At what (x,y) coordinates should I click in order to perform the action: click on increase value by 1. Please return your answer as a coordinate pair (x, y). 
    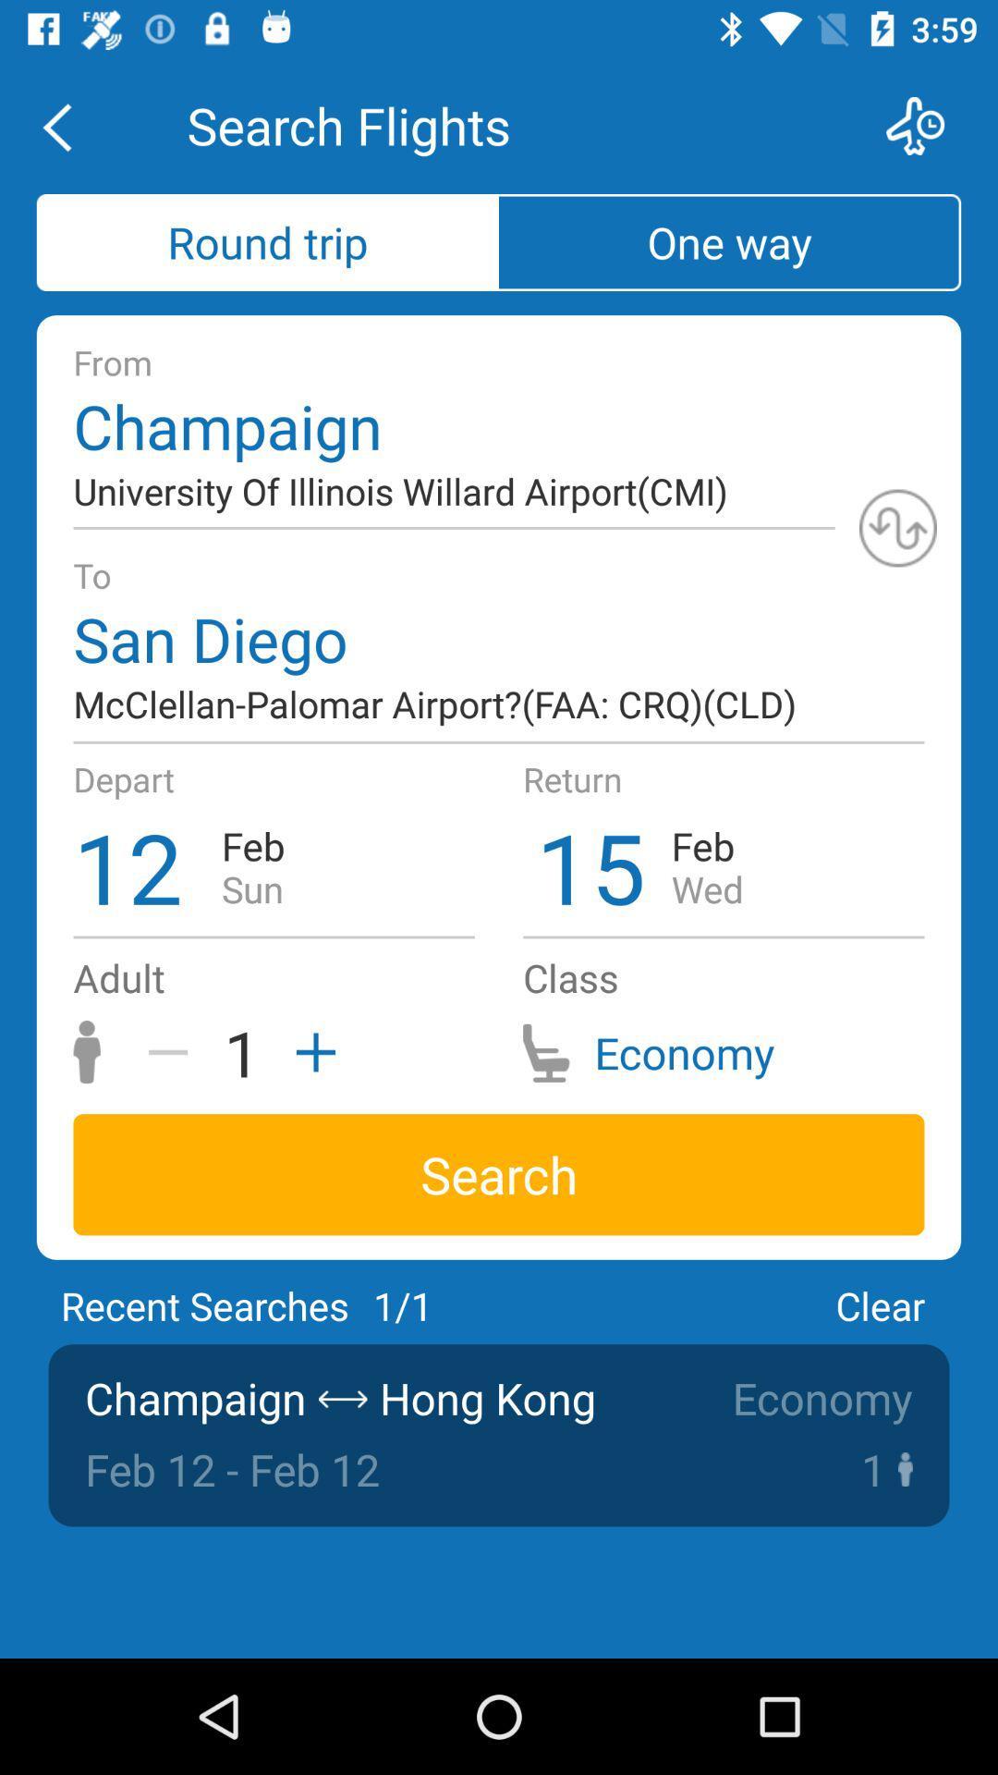
    Looking at the image, I should click on (309, 1052).